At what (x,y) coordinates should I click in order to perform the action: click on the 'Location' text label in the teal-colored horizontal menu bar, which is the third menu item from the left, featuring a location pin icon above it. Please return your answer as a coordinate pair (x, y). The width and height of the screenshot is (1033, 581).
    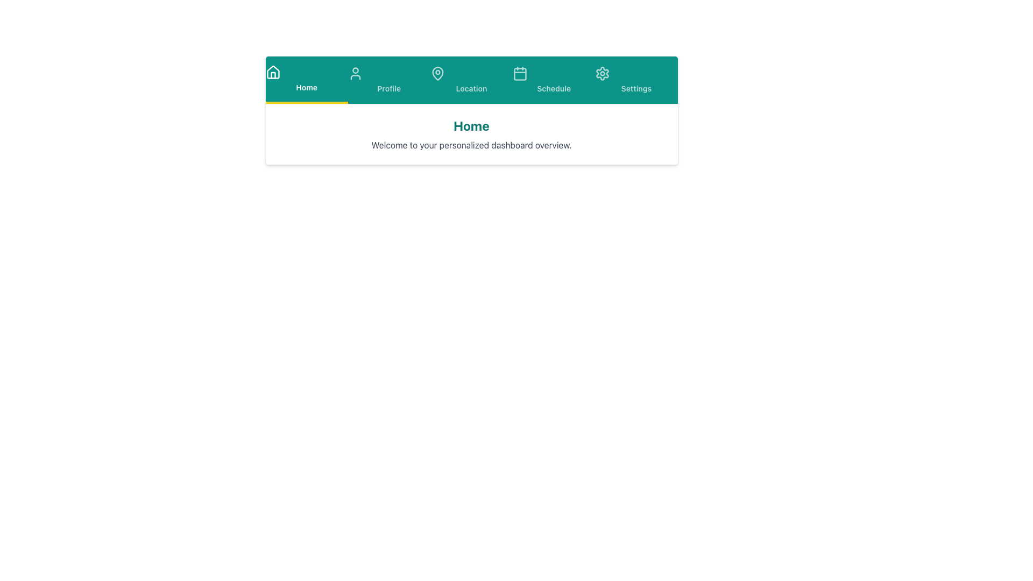
    Looking at the image, I should click on (471, 88).